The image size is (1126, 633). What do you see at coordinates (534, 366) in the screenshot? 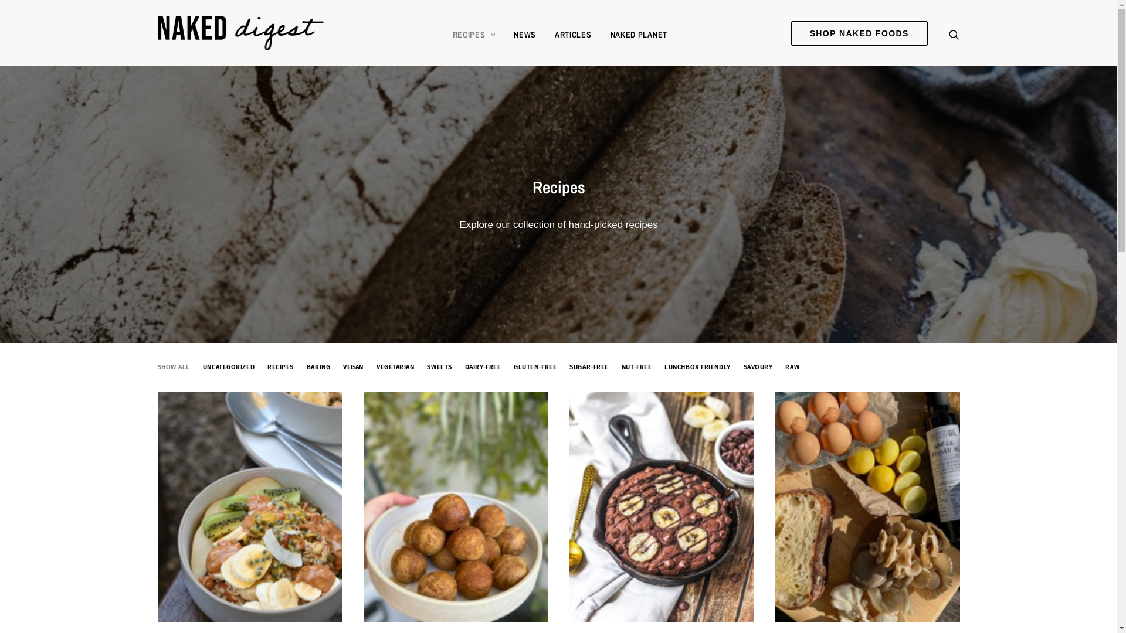
I see `'GLUTEN-FREE'` at bounding box center [534, 366].